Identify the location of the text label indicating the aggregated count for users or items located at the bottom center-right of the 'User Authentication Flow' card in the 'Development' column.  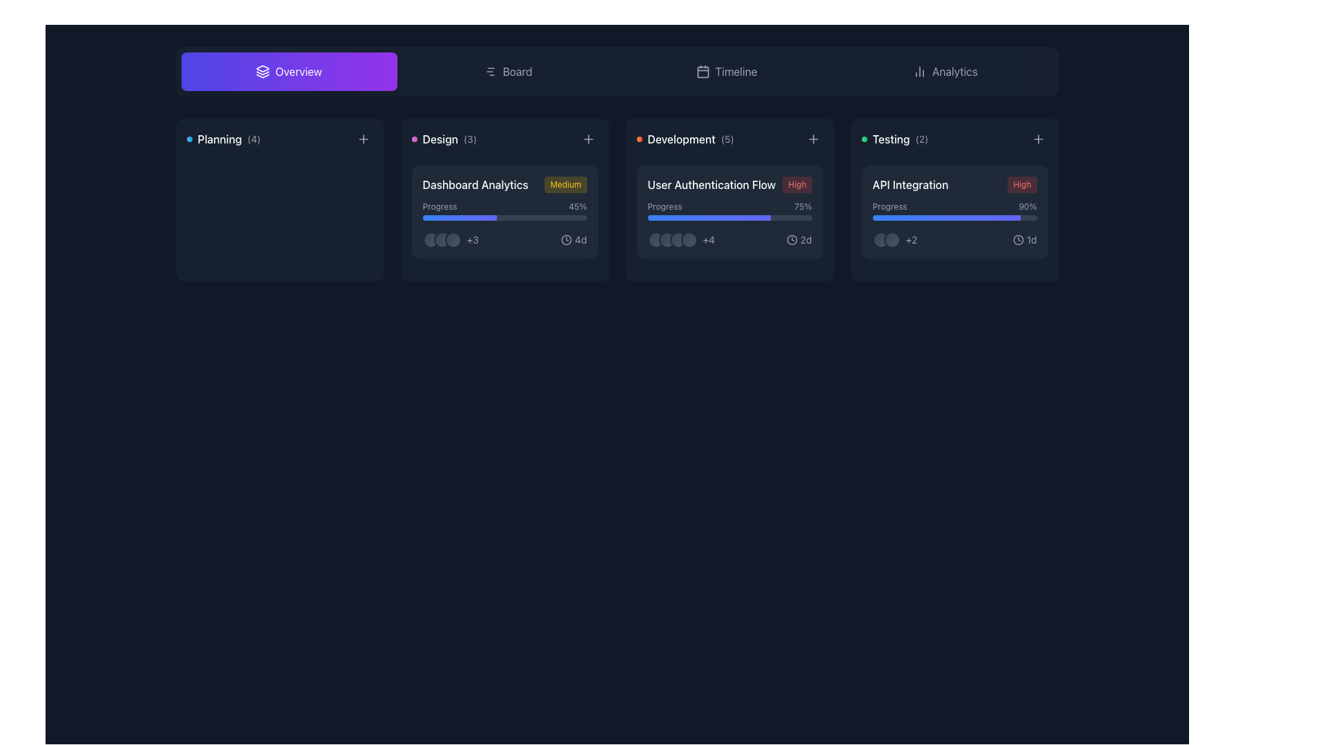
(709, 239).